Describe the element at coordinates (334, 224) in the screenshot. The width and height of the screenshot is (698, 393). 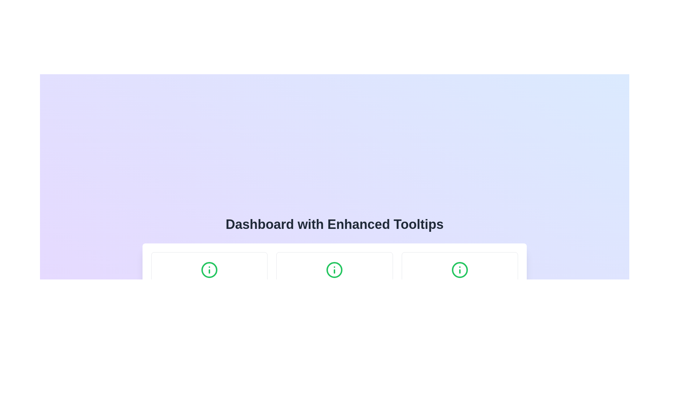
I see `static text display element that serves as the header for the 'Dashboard with Enhanced Tooltips' section, located centrally above other interface groups` at that location.